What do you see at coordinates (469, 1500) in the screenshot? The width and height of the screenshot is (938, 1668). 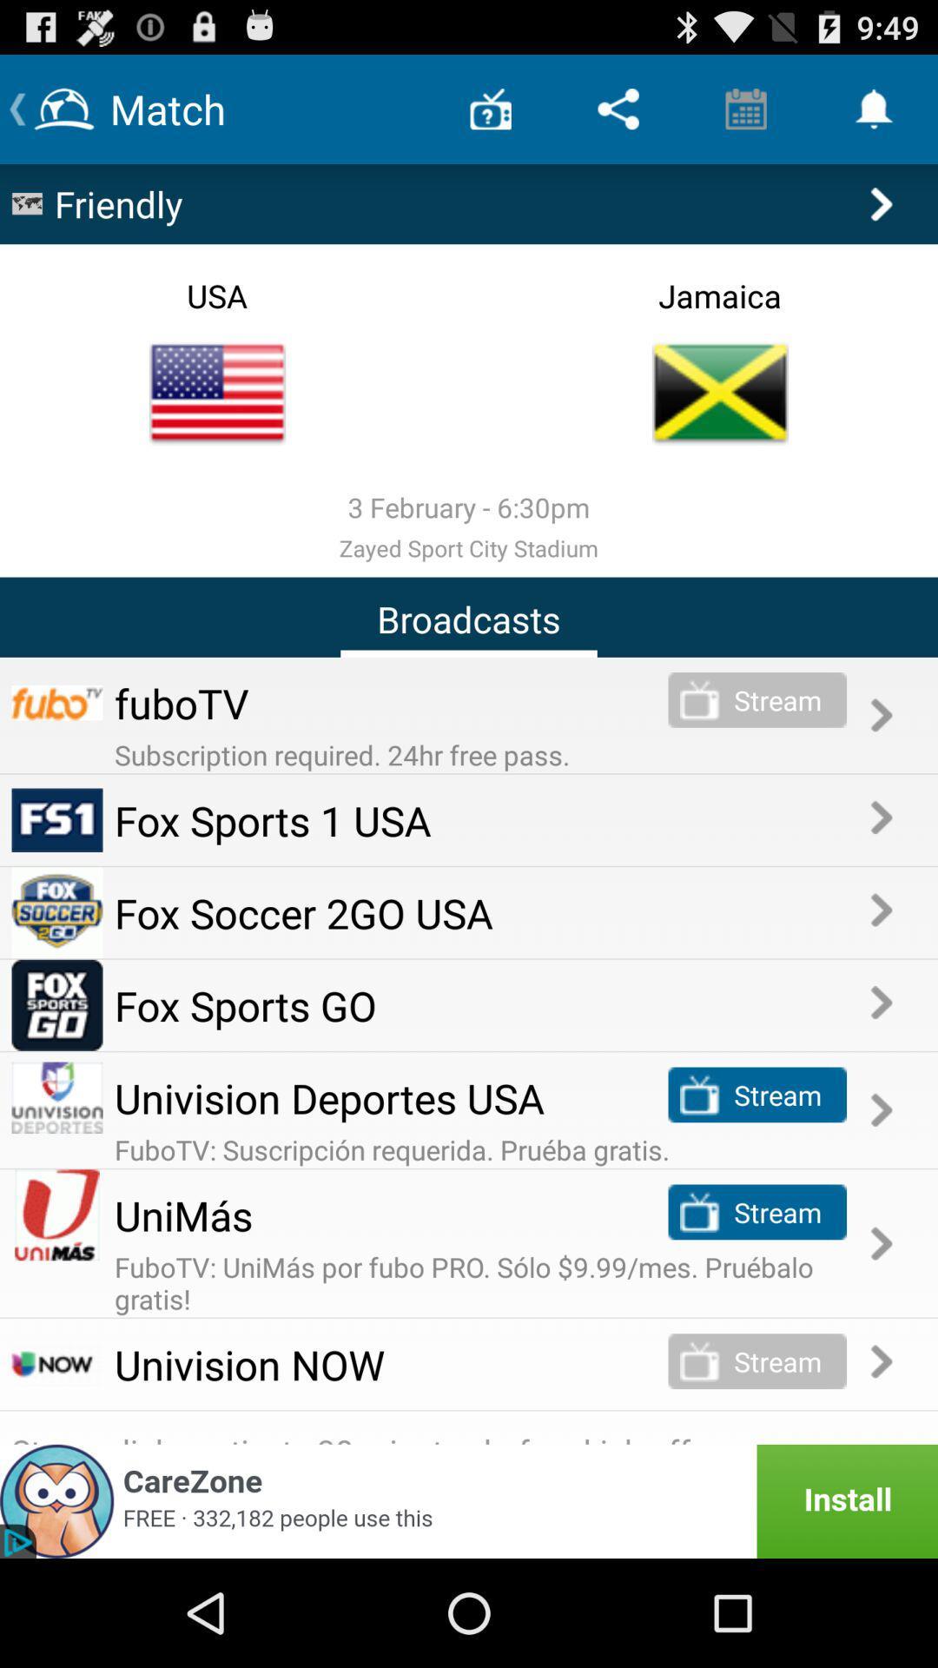 I see `install advertisement` at bounding box center [469, 1500].